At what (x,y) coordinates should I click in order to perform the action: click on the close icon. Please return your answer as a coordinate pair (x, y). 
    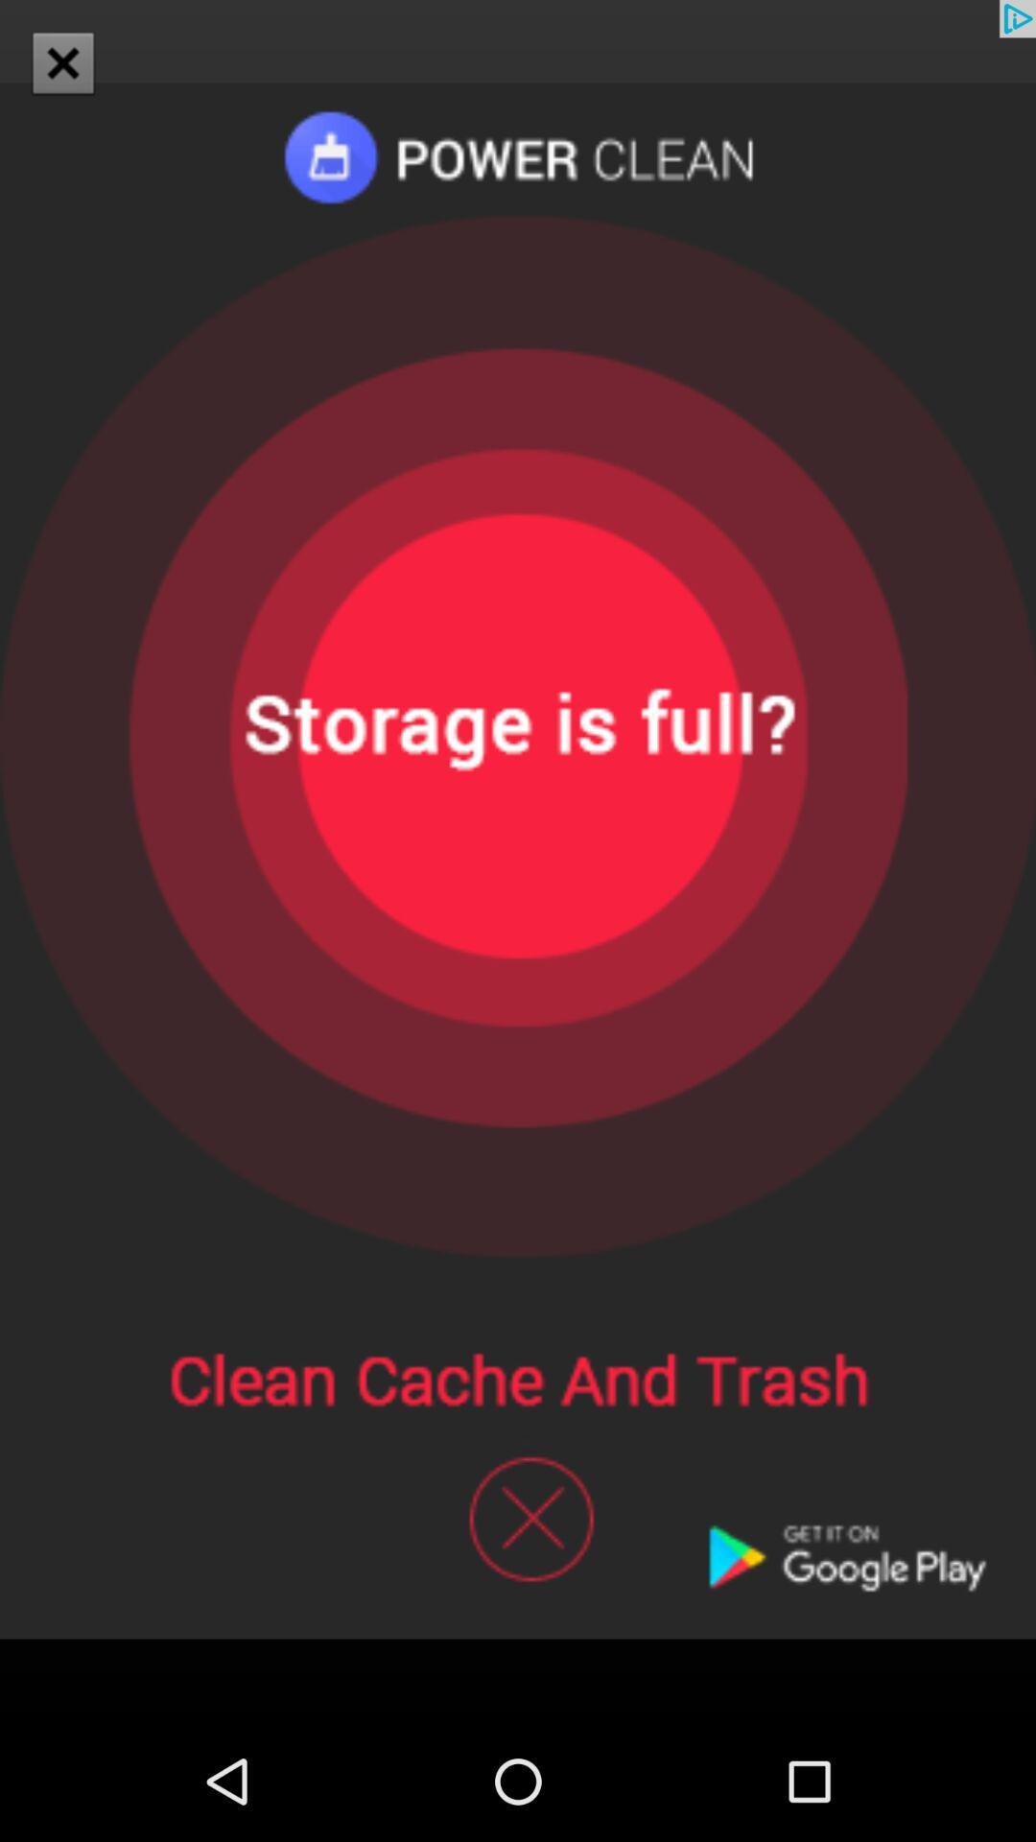
    Looking at the image, I should click on (61, 67).